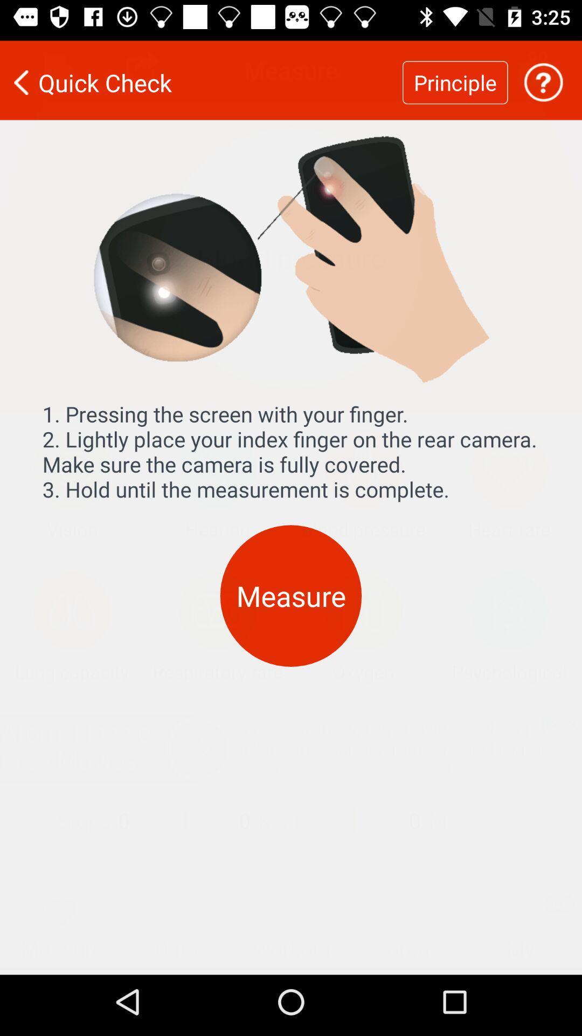  Describe the element at coordinates (291, 589) in the screenshot. I see `the measure` at that location.